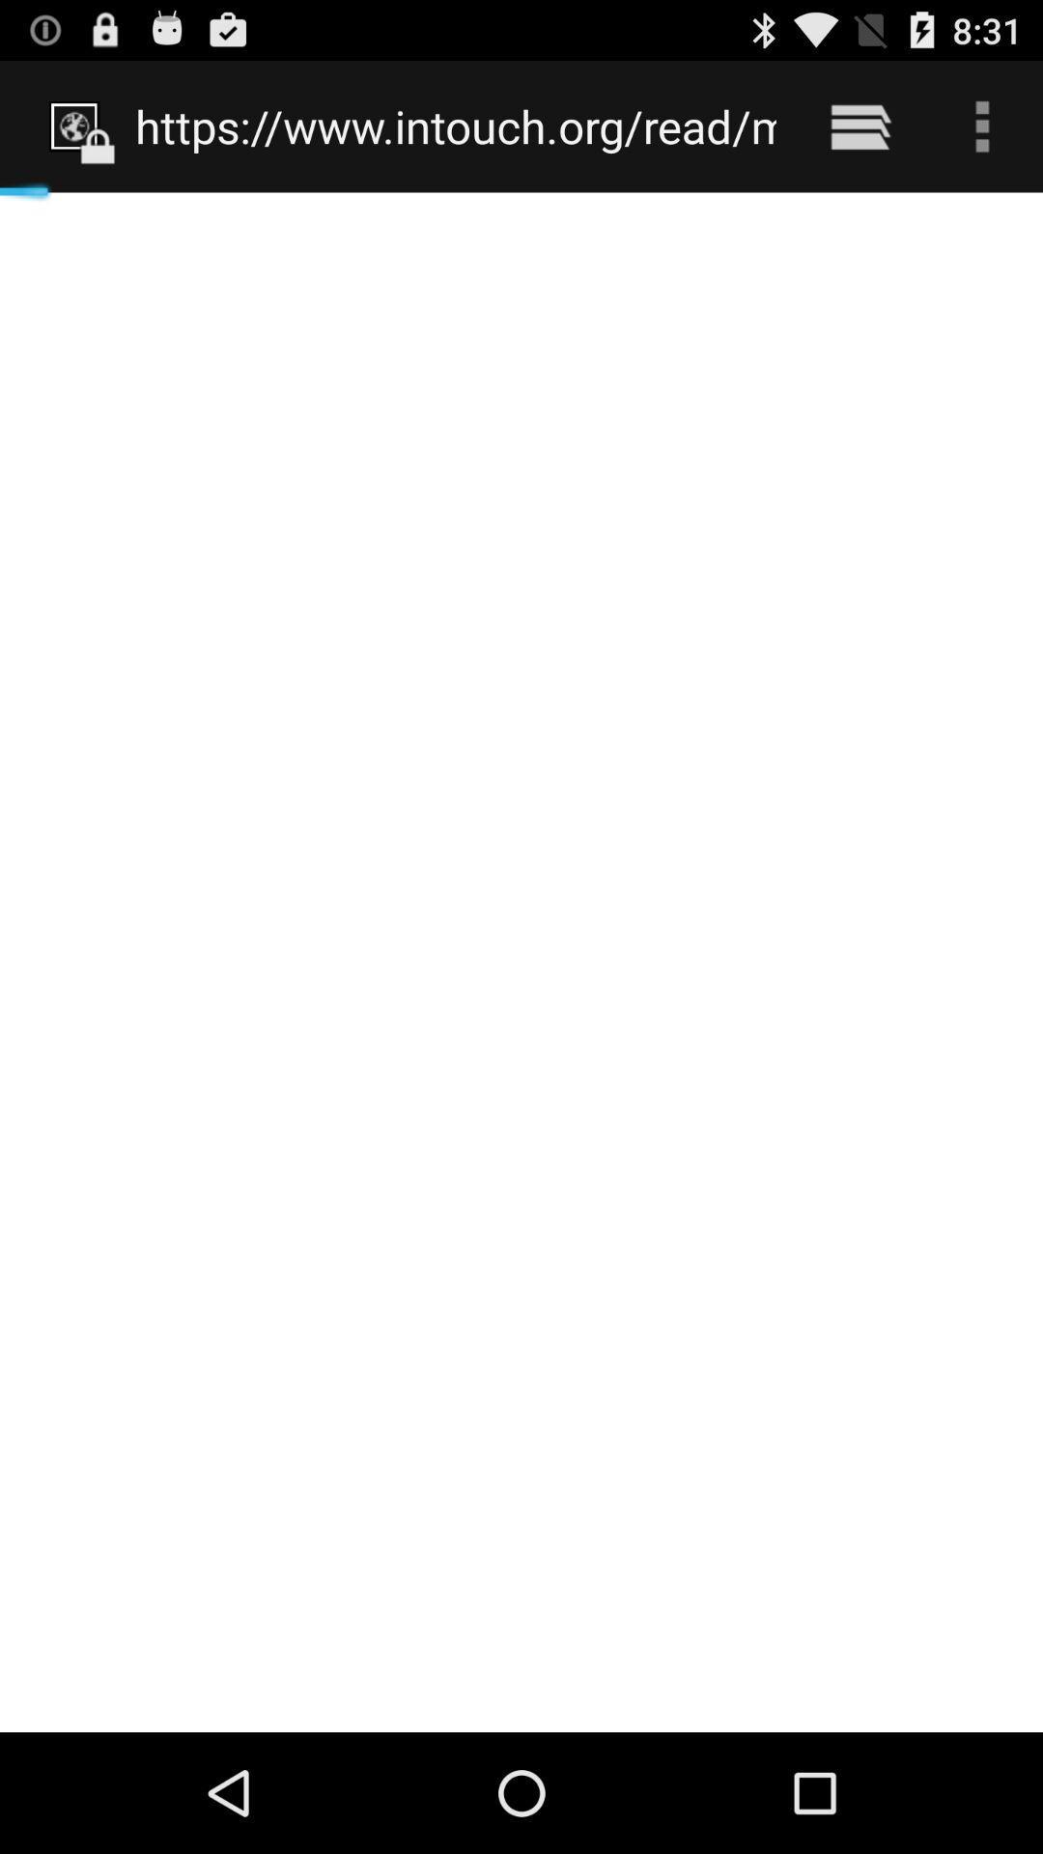 The image size is (1043, 1854). I want to click on icon below https www intouch icon, so click(521, 962).